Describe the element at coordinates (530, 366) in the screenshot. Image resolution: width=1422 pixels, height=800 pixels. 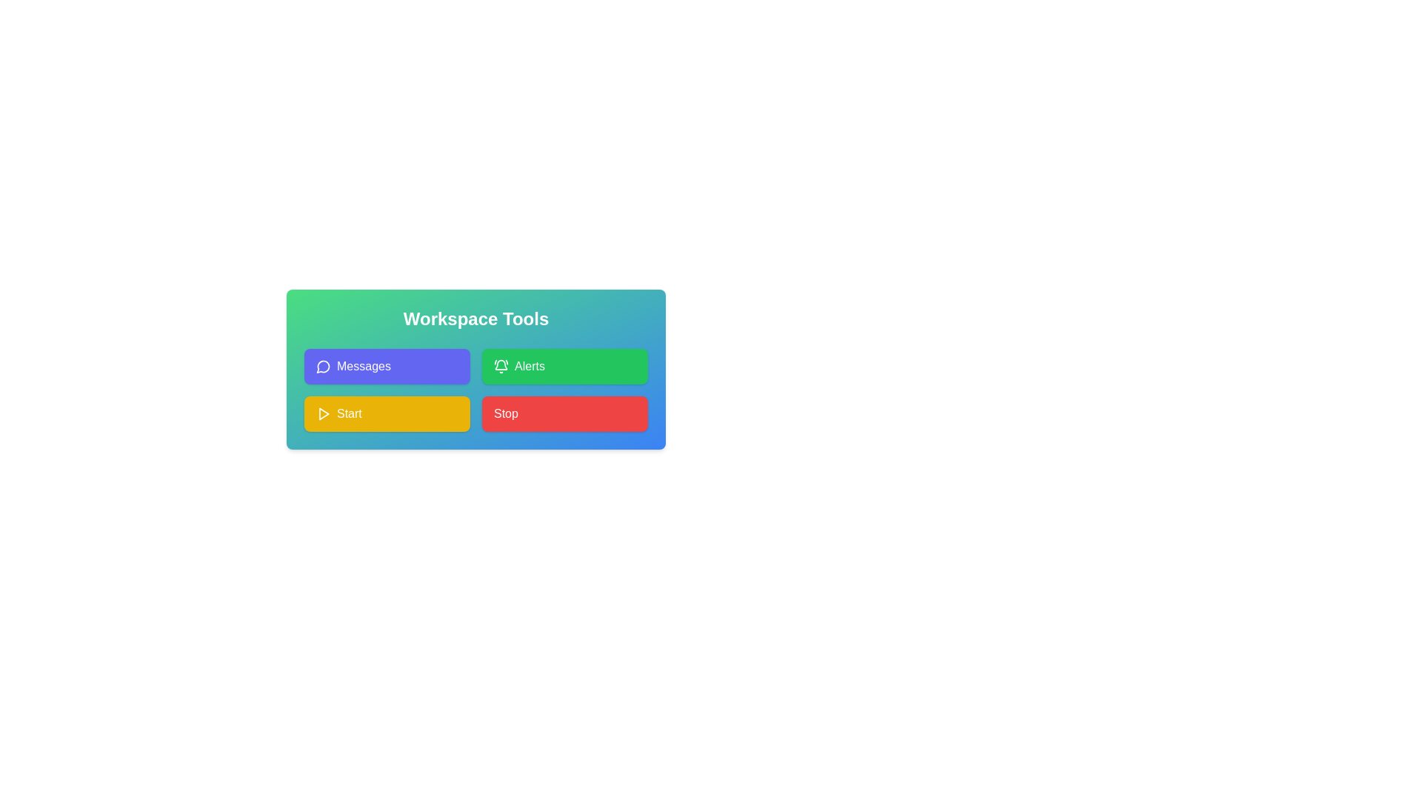
I see `the 'Alerts' button, which is located in the top-right part of a horizontal button group, next to a bell icon, within a green rectangular area` at that location.